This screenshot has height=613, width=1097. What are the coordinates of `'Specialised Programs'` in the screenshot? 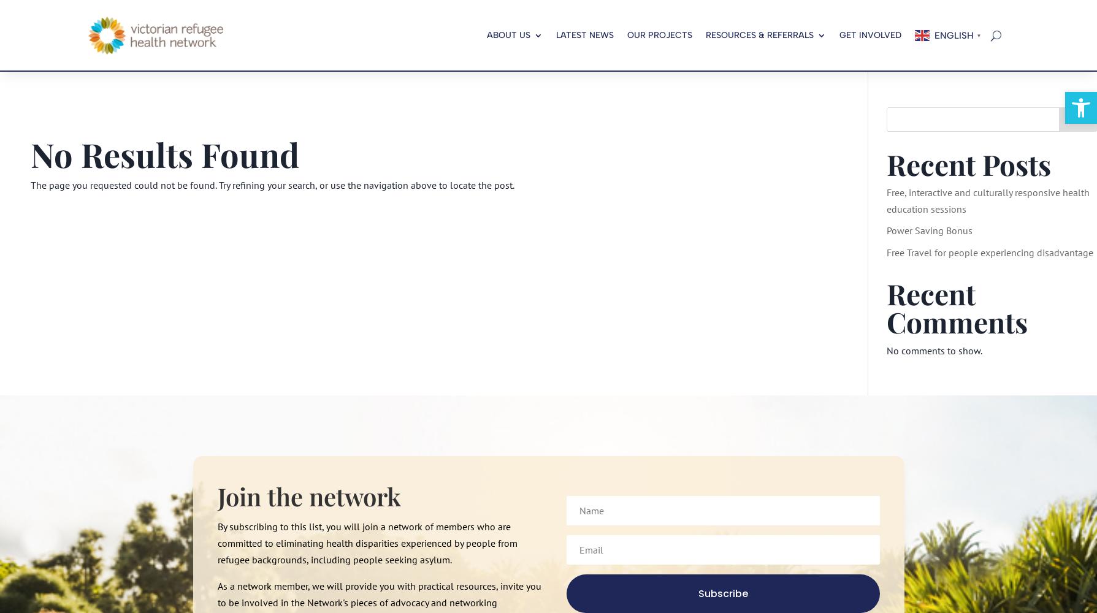 It's located at (465, 84).